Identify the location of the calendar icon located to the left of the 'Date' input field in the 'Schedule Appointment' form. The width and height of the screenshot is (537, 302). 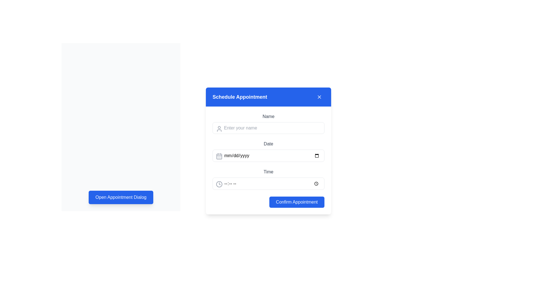
(219, 156).